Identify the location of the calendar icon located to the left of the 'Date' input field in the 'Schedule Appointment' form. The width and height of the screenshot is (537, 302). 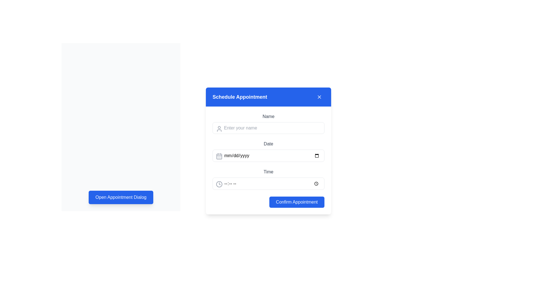
(219, 156).